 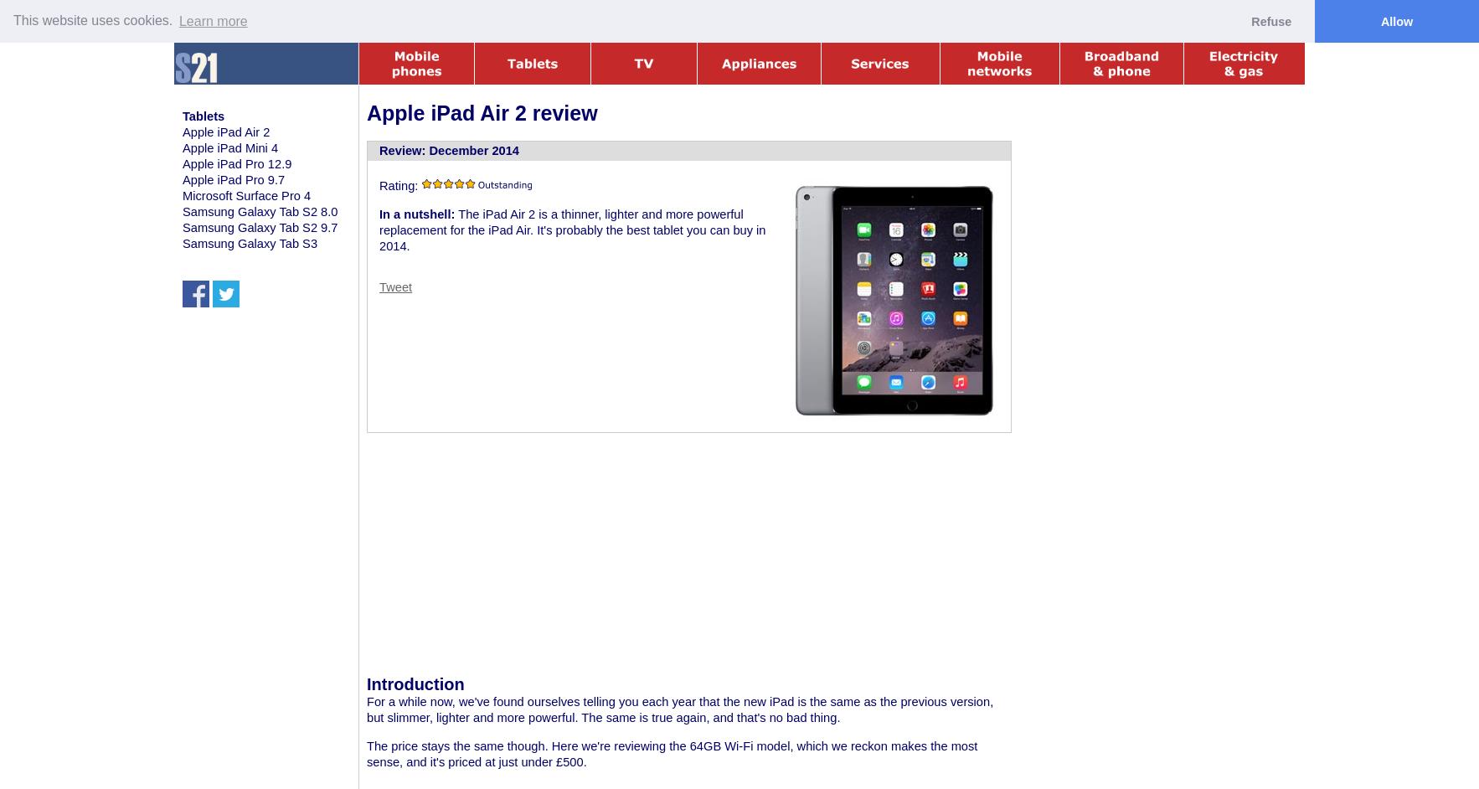 I want to click on 'Apple iPad Pro 12.9', so click(x=235, y=162).